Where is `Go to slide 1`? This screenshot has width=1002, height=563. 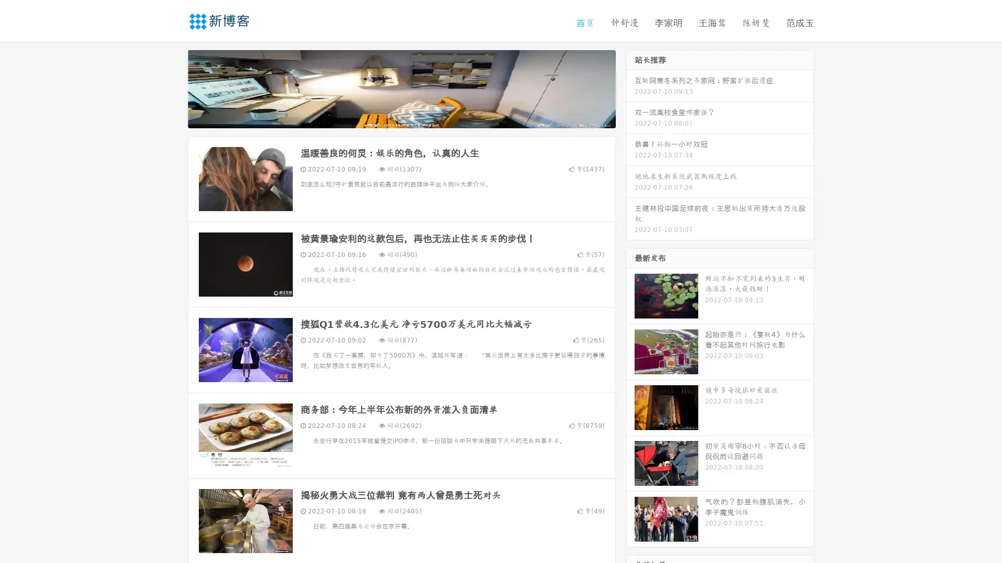
Go to slide 1 is located at coordinates (390, 117).